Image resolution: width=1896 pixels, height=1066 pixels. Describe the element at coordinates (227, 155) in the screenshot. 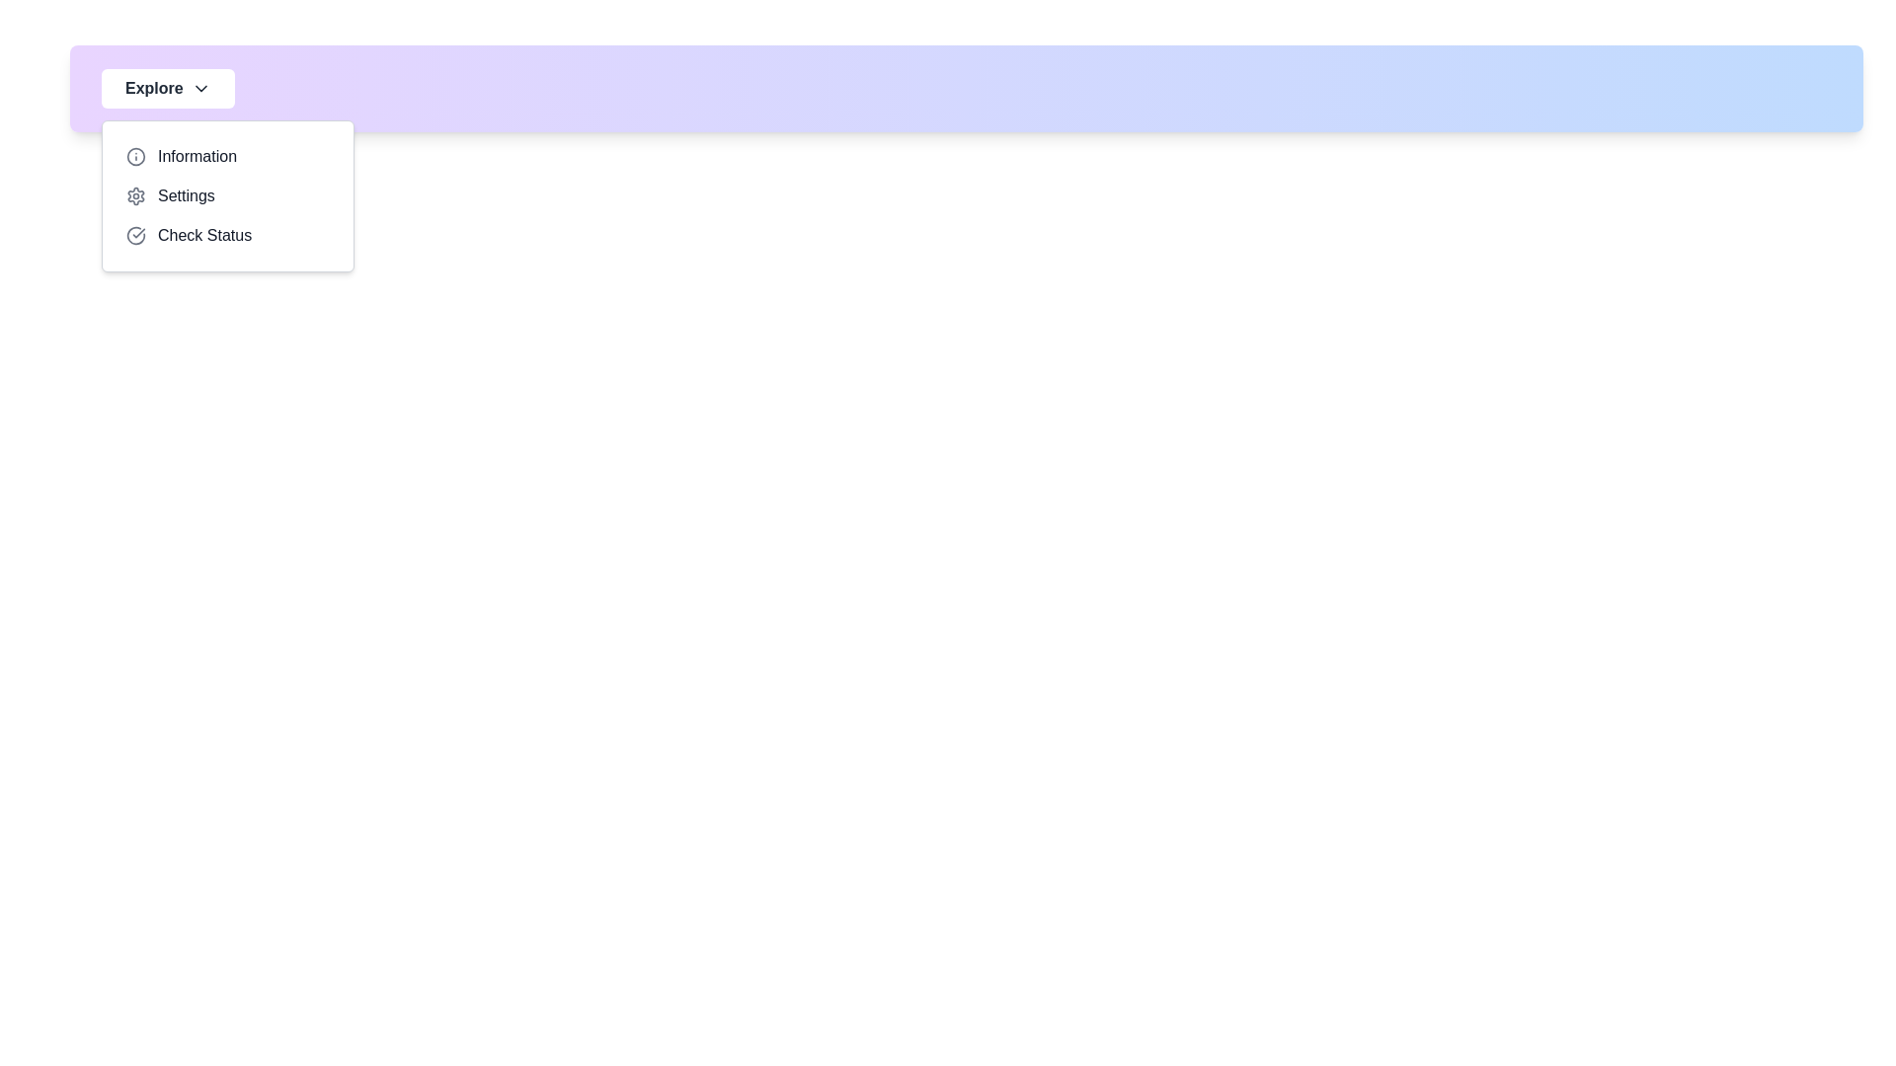

I see `the 'Information' item in the menu` at that location.